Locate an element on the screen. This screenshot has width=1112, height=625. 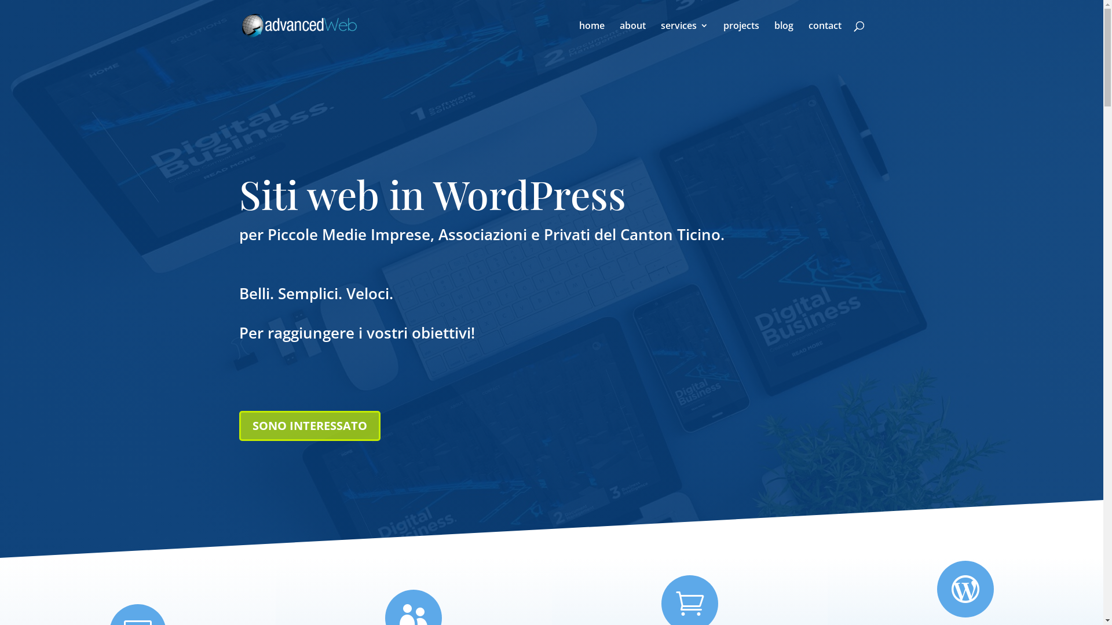
'services' is located at coordinates (683, 35).